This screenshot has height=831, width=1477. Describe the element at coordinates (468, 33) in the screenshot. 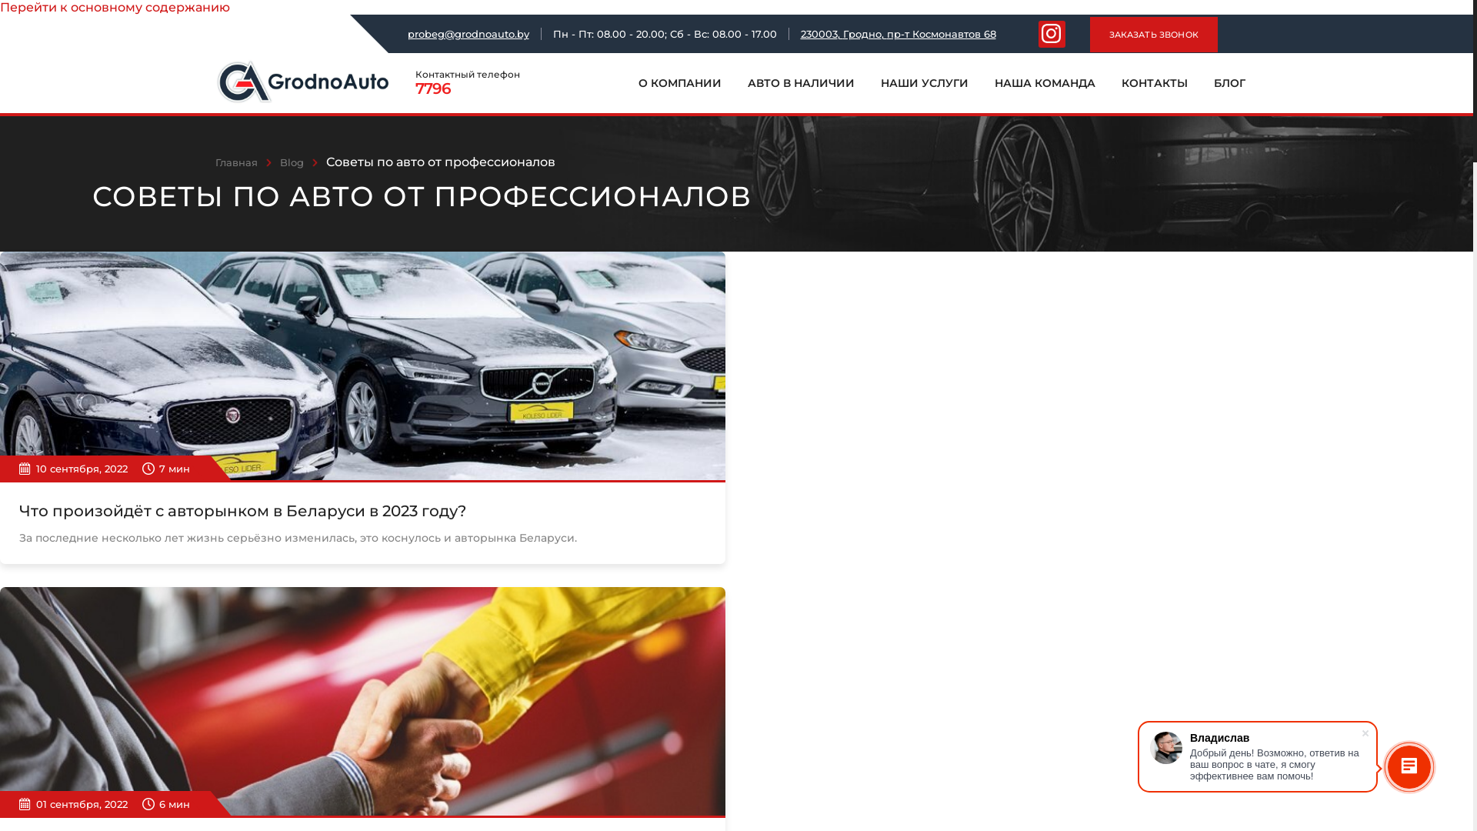

I see `'probeg@grodnoauto.by'` at that location.